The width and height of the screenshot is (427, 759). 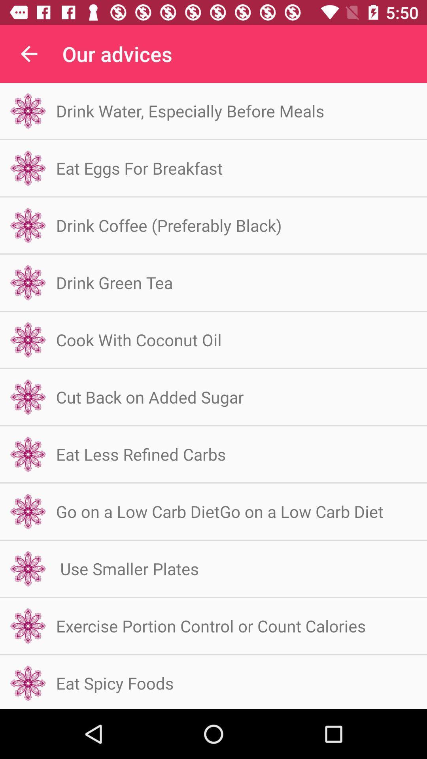 I want to click on icon below the exercise portion control item, so click(x=115, y=683).